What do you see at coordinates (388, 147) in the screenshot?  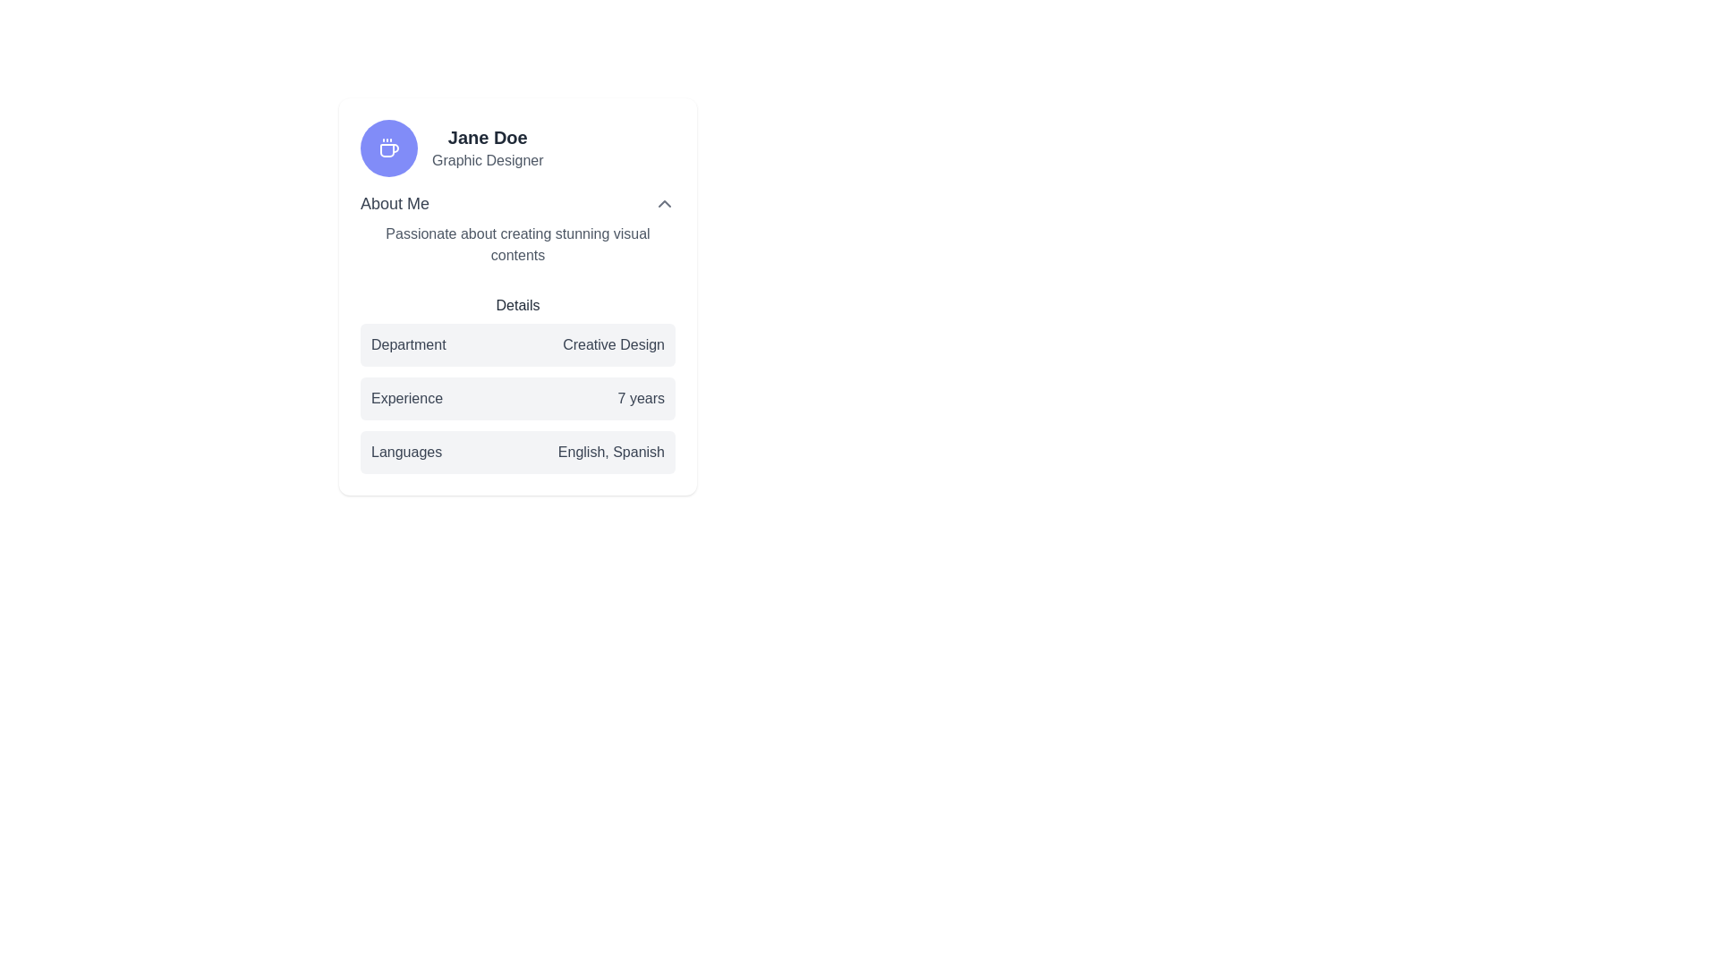 I see `the coffee cup icon, which is outlined in white and situated within a light purple circular background, located in the top-left section of the profile card above the user name 'Jane Doe'` at bounding box center [388, 147].